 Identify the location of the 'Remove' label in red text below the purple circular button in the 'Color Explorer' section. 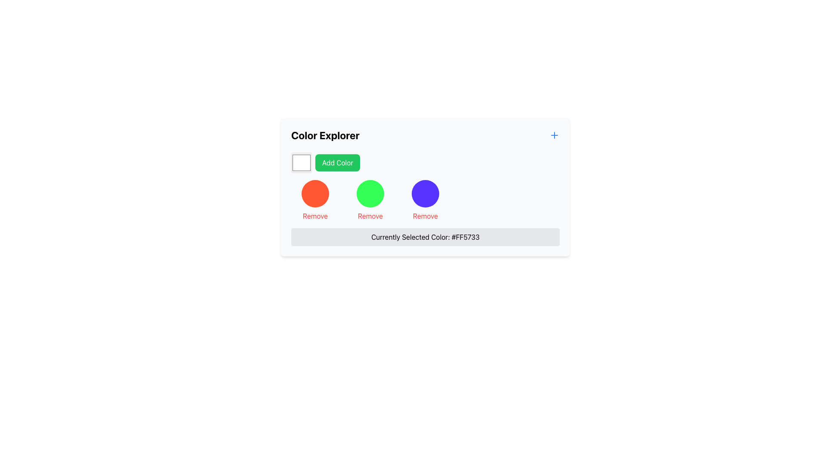
(425, 200).